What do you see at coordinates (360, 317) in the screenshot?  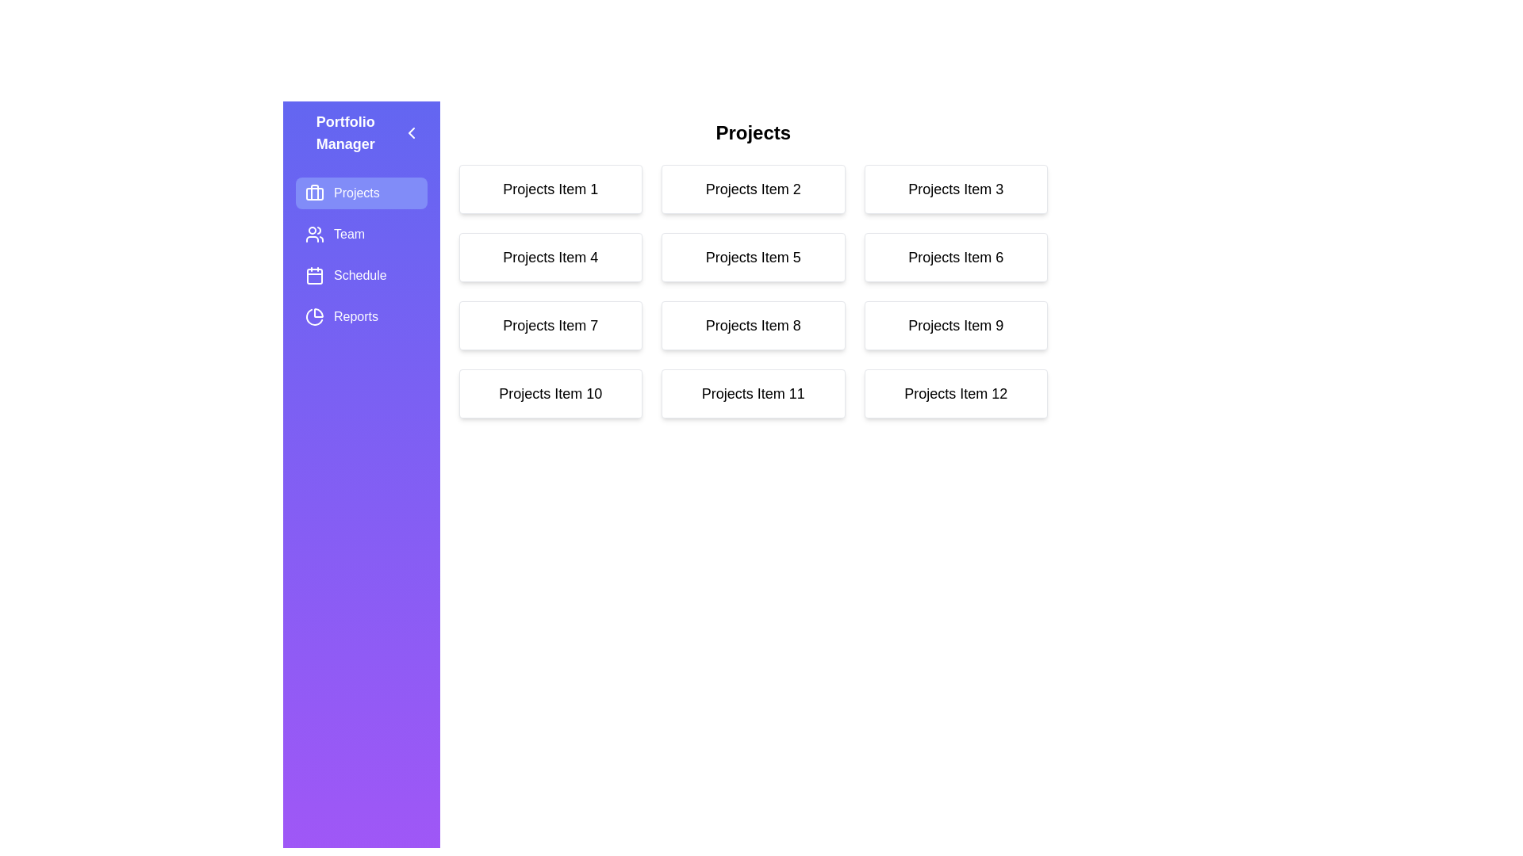 I see `the element Reports to observe its visual feedback` at bounding box center [360, 317].